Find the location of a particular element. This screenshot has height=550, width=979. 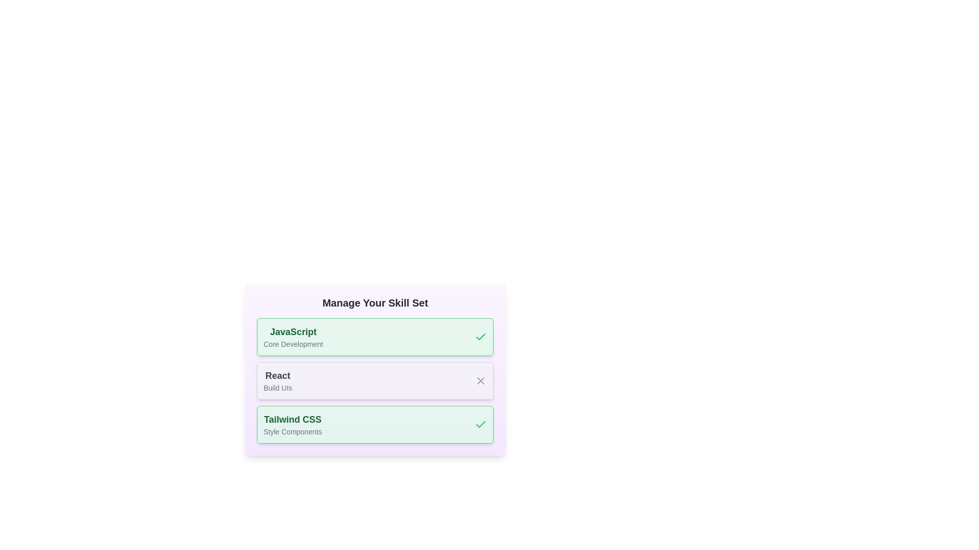

the skill entry corresponding to Tailwind CSS to view its details is located at coordinates (292, 424).